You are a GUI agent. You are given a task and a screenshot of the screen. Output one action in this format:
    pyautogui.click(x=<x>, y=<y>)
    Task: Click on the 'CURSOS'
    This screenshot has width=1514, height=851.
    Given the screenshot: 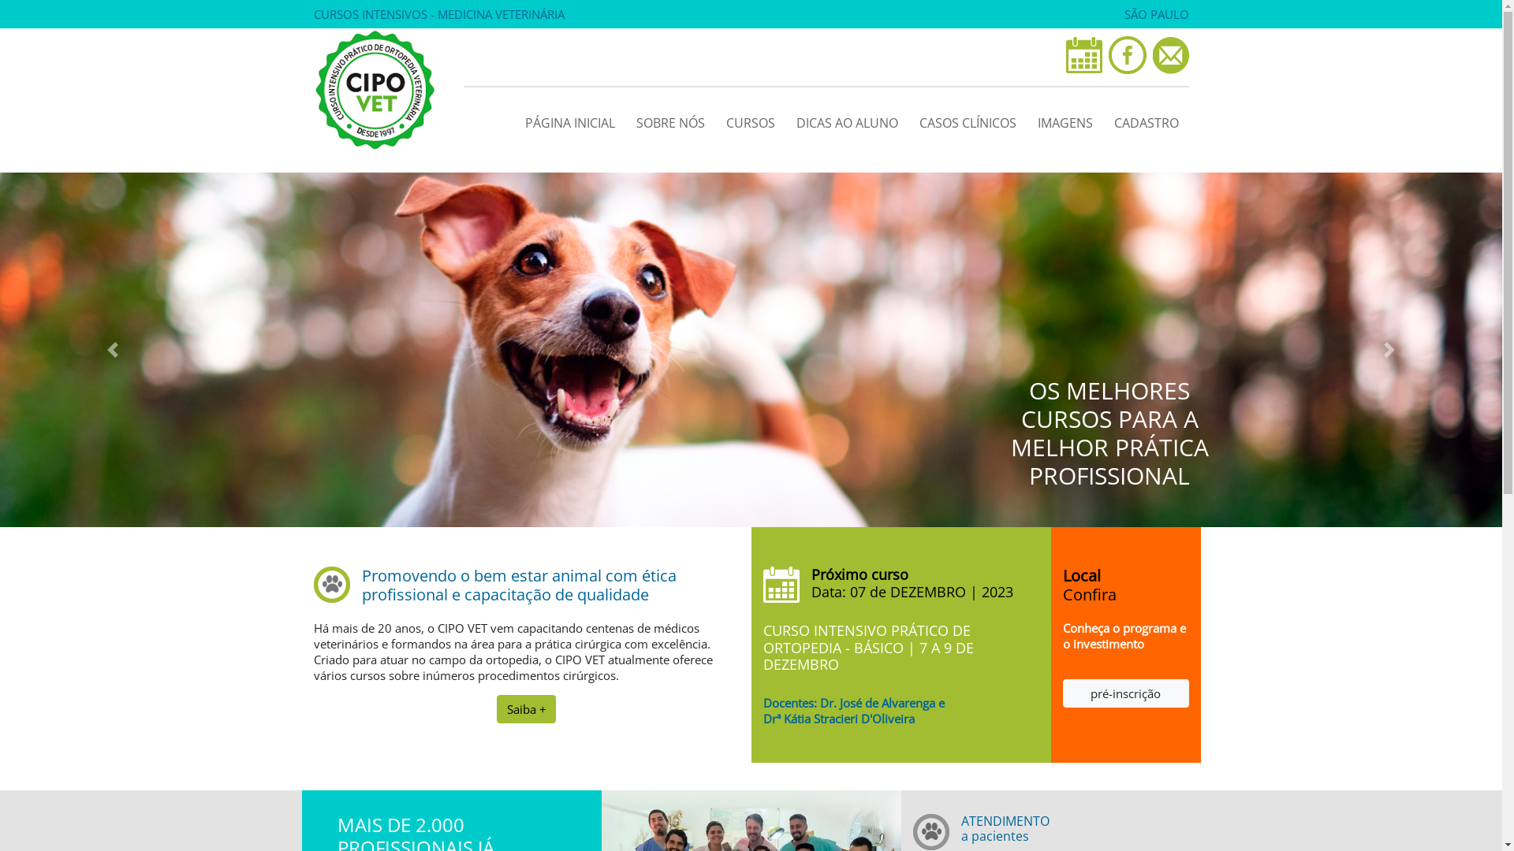 What is the action you would take?
    pyautogui.click(x=714, y=118)
    